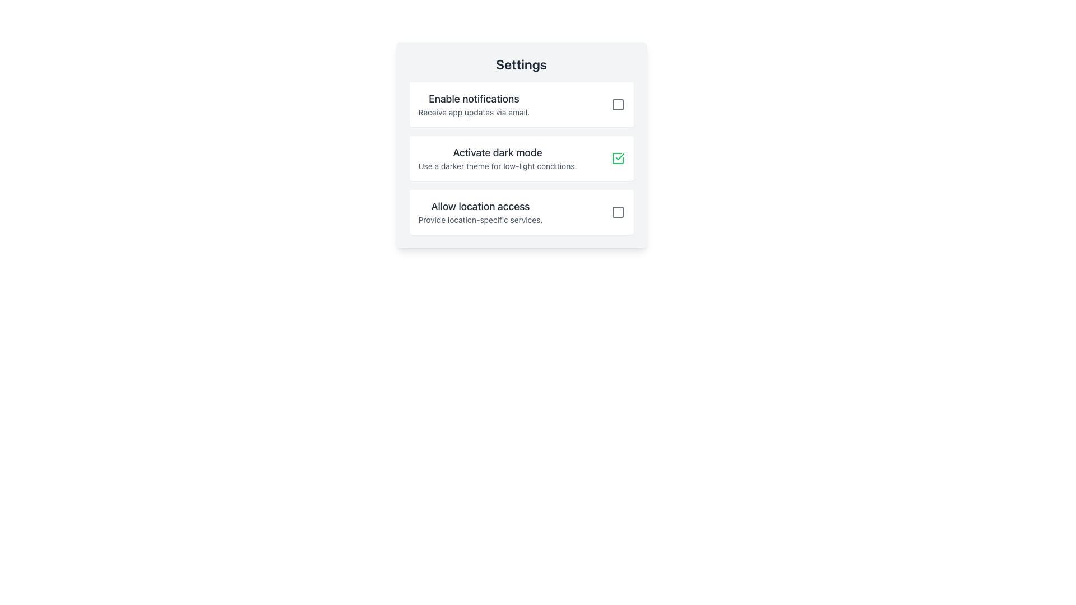  Describe the element at coordinates (480, 212) in the screenshot. I see `the text block containing 'Allow location access' and 'Provide location-specific services' within the third card in the 'Settings' section` at that location.